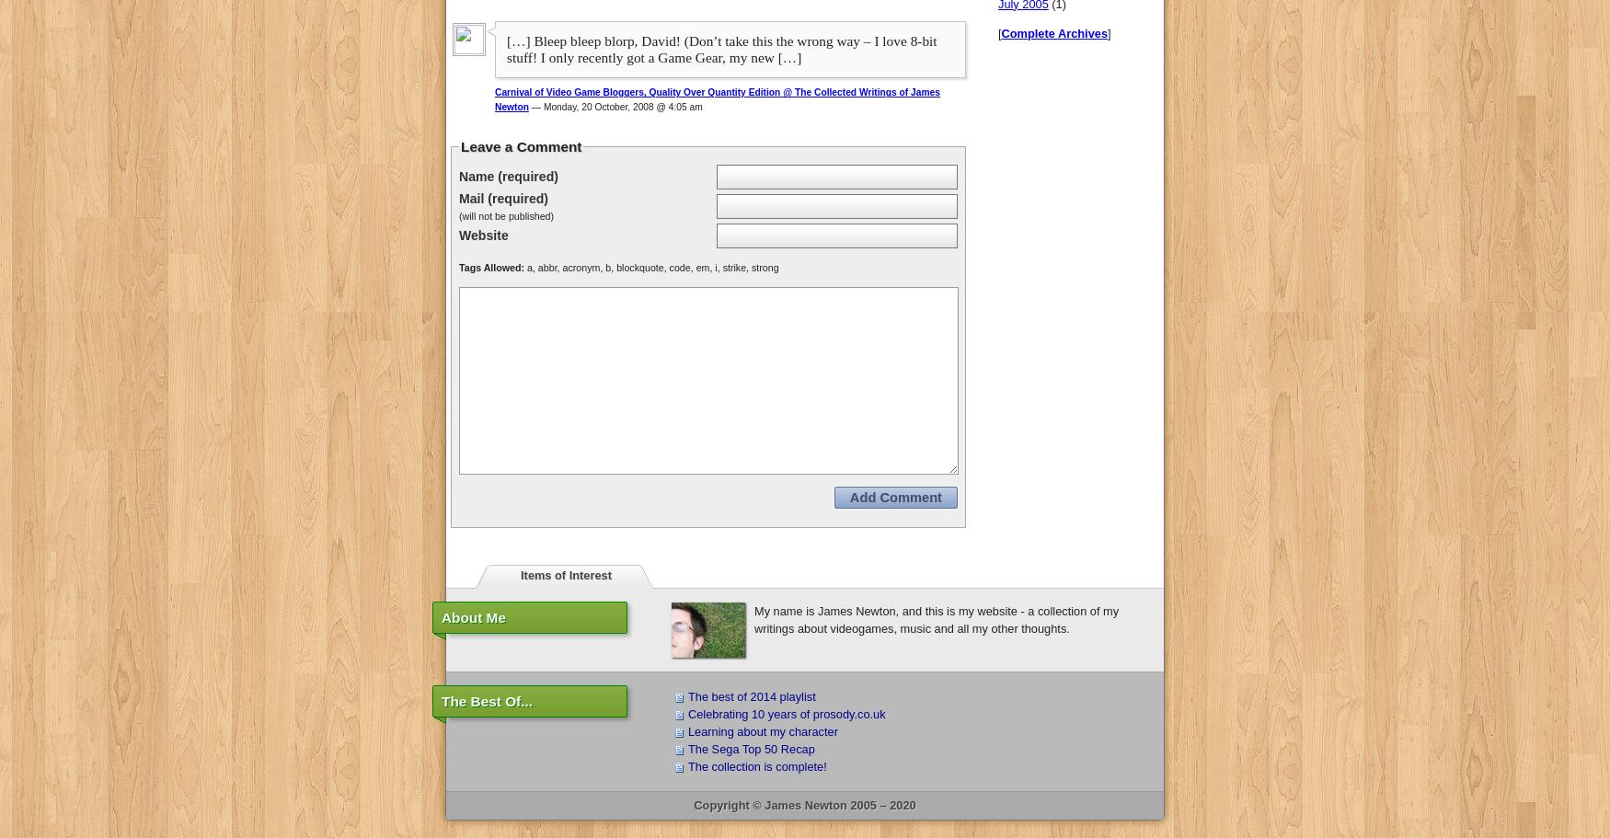 Image resolution: width=1610 pixels, height=838 pixels. Describe the element at coordinates (787, 713) in the screenshot. I see `'Celebrating 10 years of prosody.co.uk'` at that location.